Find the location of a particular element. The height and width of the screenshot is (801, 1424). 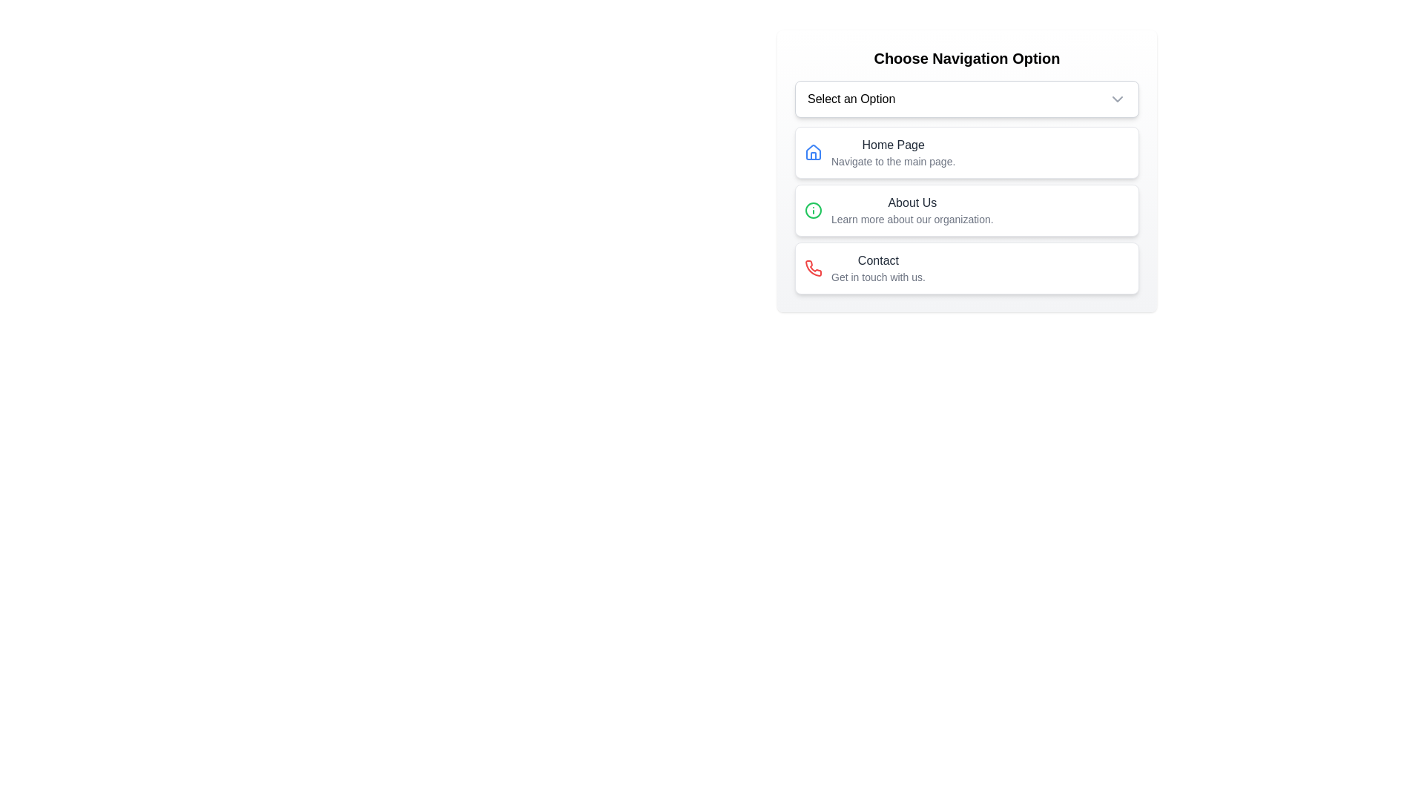

the 'About Us' text label located in the navigation options is located at coordinates (912, 211).